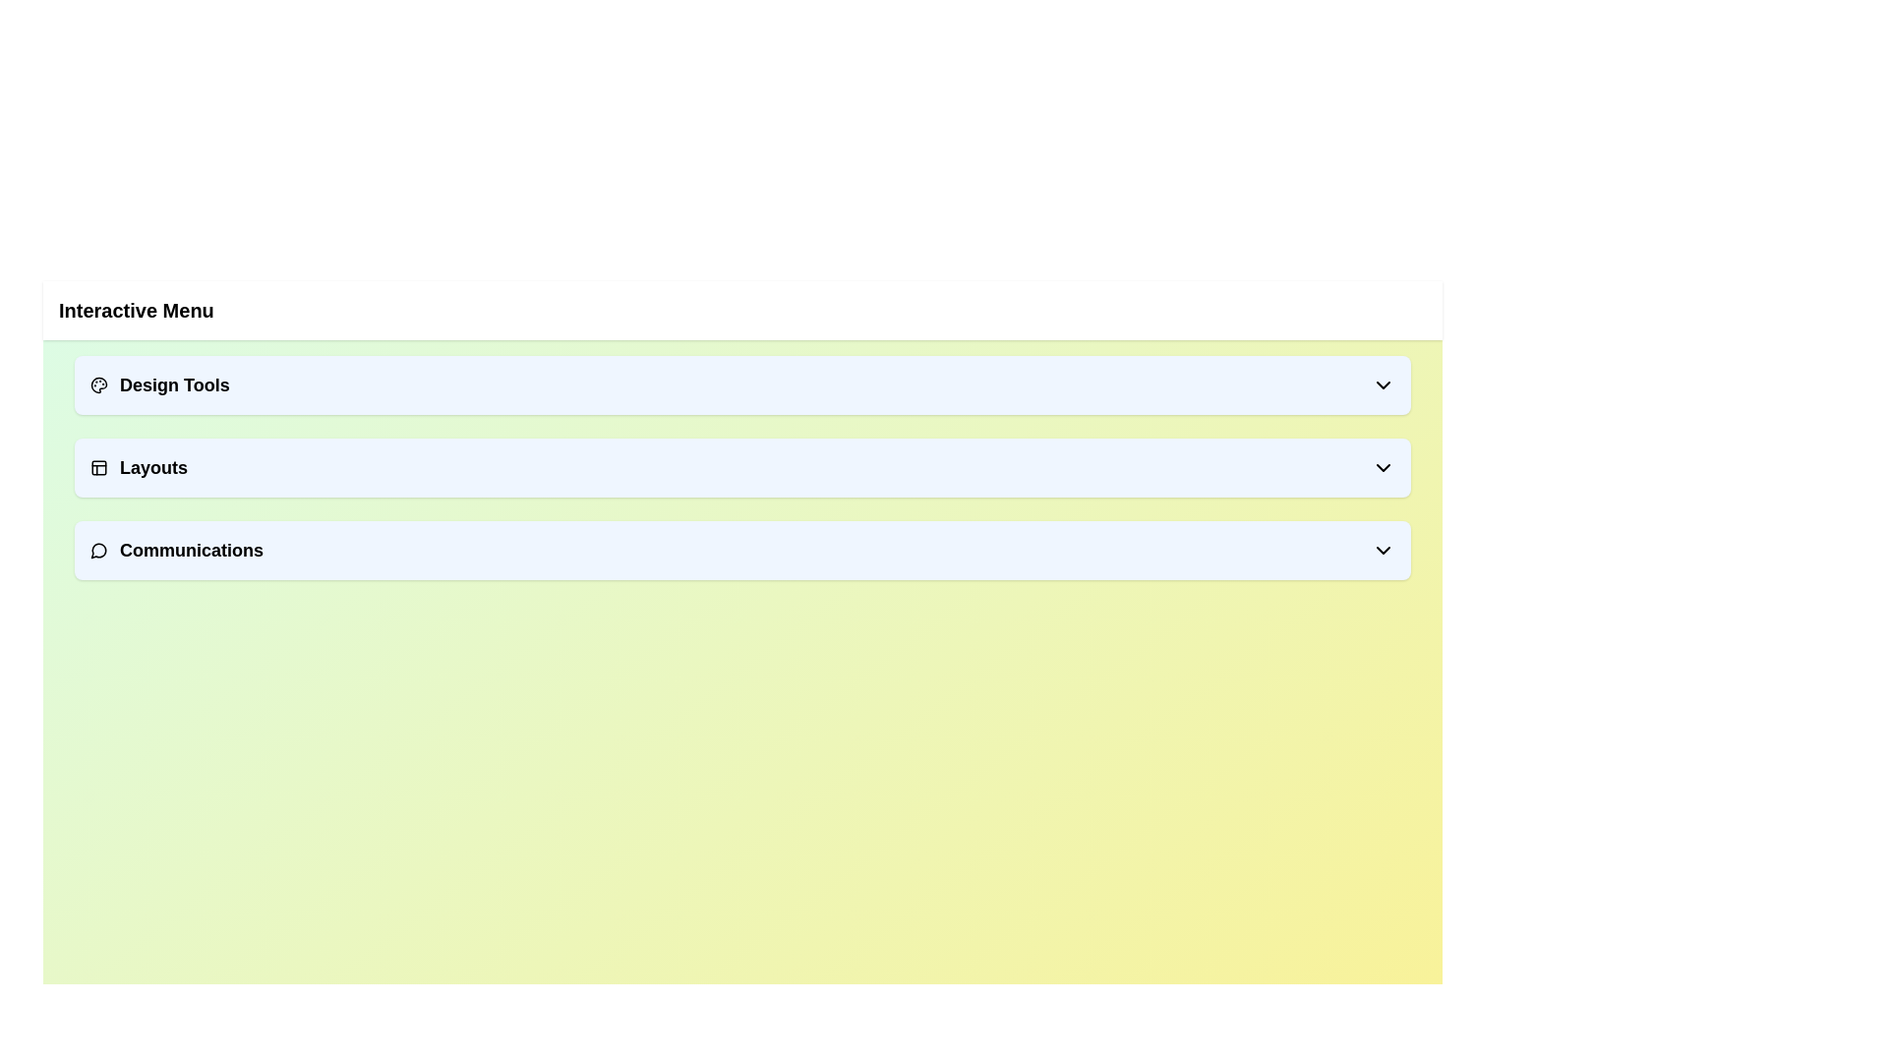 Image resolution: width=1888 pixels, height=1062 pixels. Describe the element at coordinates (741, 467) in the screenshot. I see `the menu item labeled Layouts to highlight it` at that location.